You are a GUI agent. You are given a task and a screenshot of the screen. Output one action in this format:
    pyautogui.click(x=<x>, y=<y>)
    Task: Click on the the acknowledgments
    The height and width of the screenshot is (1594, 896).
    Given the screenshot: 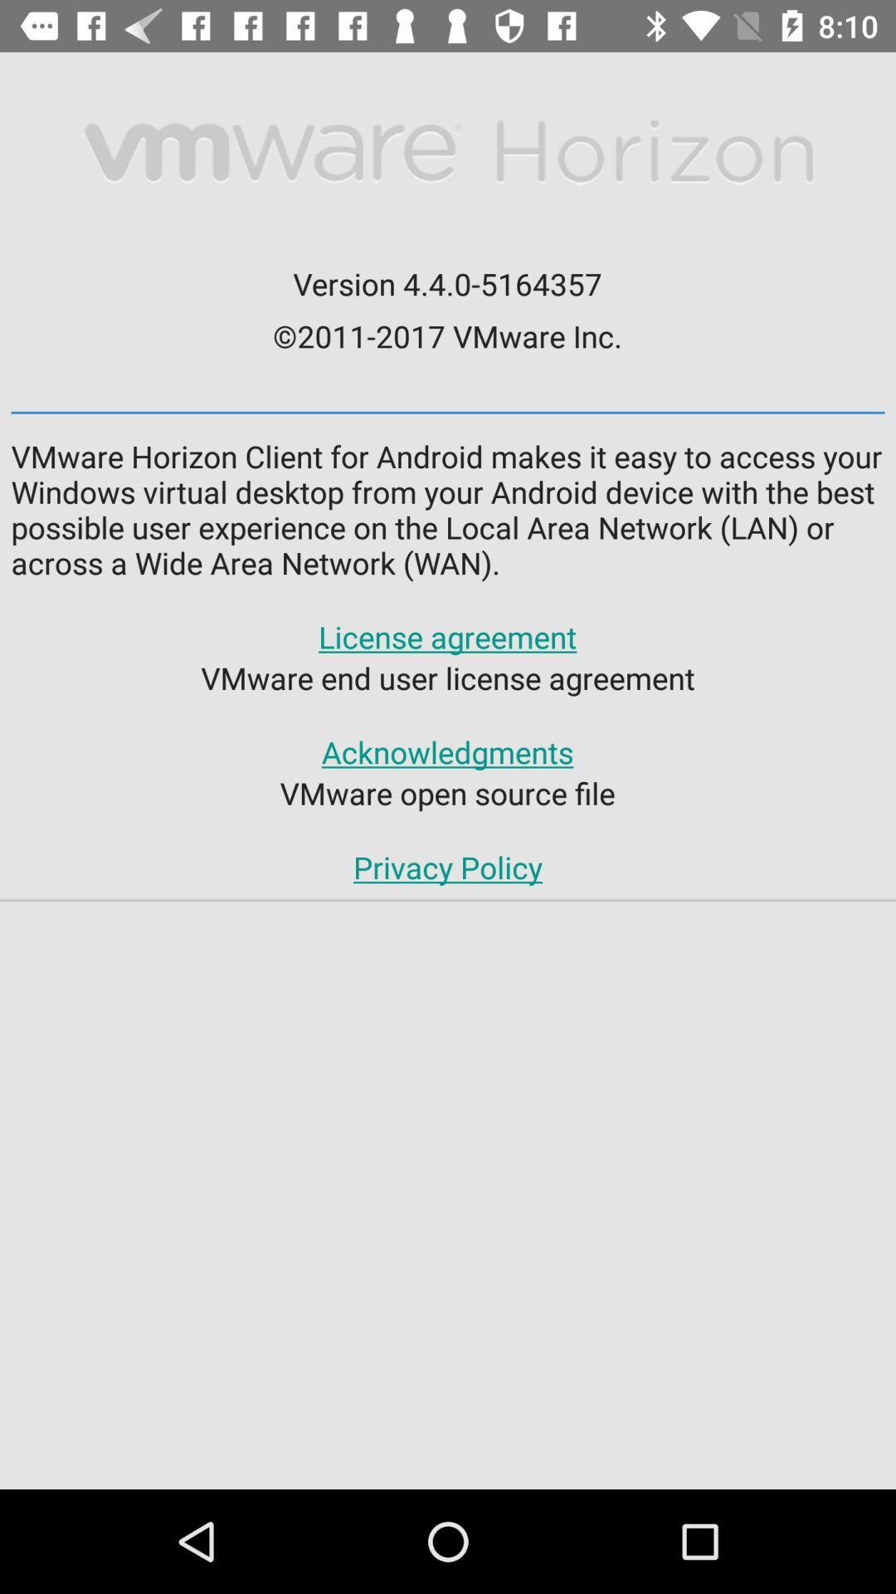 What is the action you would take?
    pyautogui.click(x=446, y=751)
    